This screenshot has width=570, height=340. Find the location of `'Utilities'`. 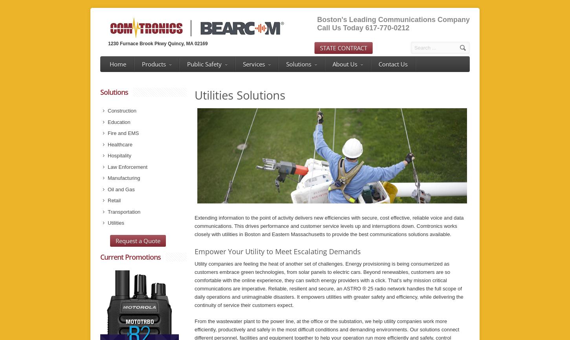

'Utilities' is located at coordinates (108, 222).